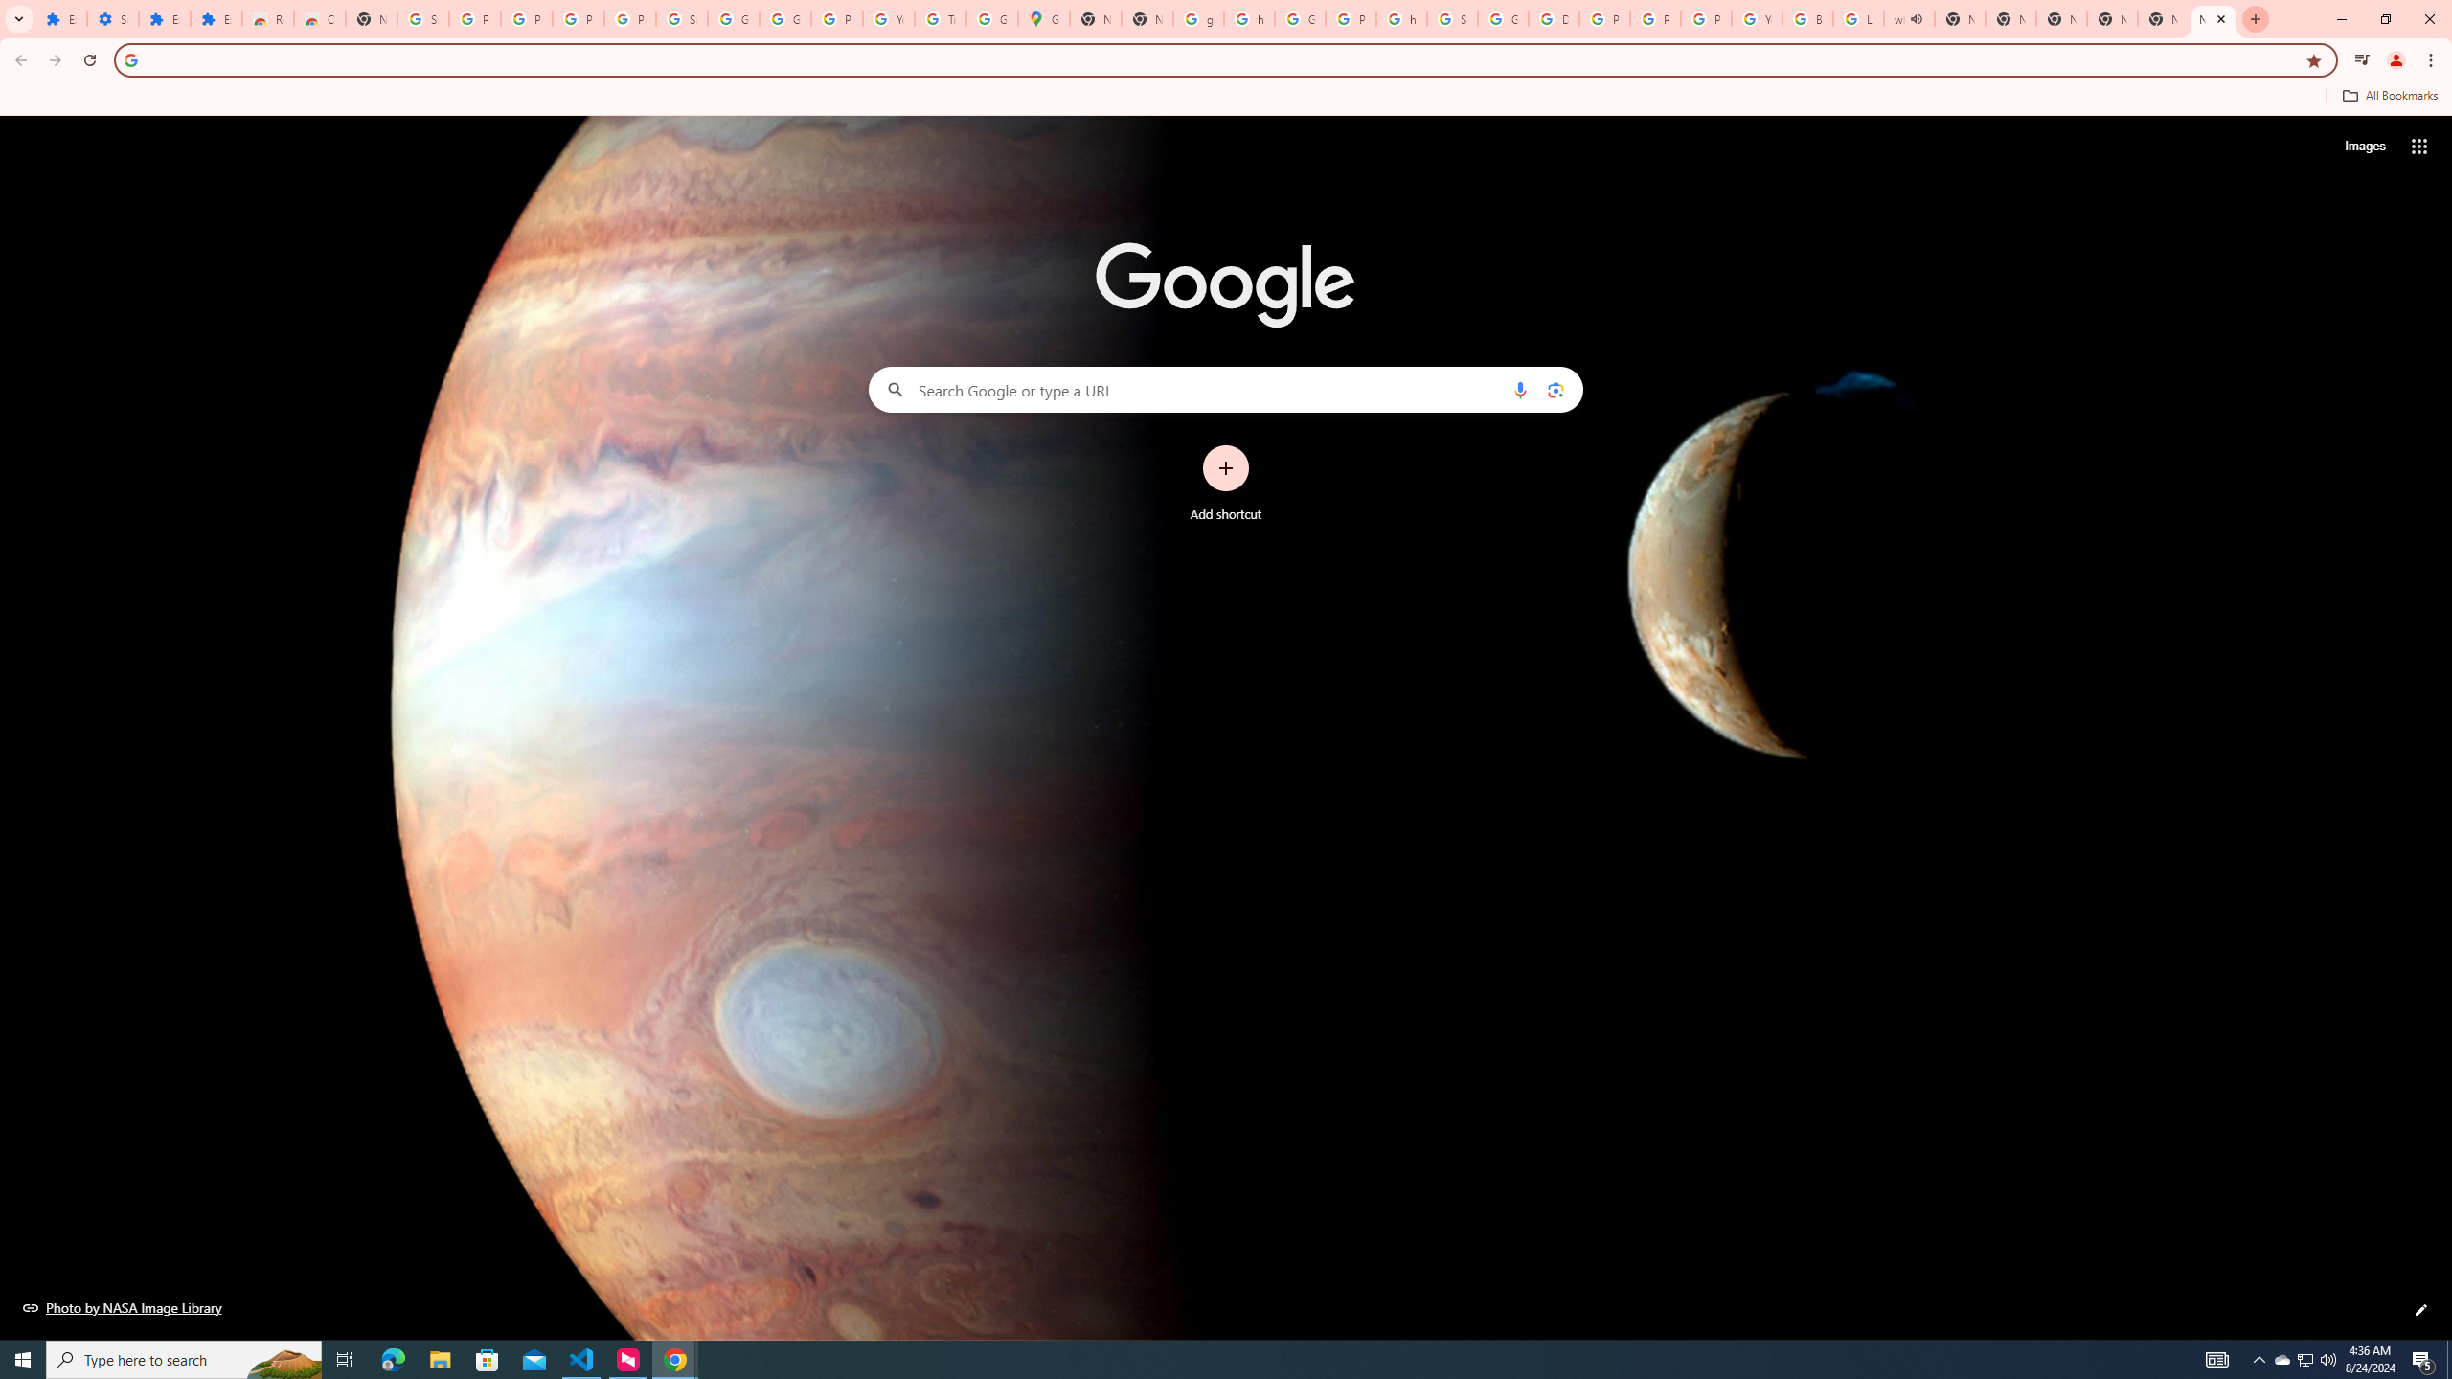 This screenshot has width=2452, height=1379. What do you see at coordinates (266, 18) in the screenshot?
I see `'Reviews: Helix Fruit Jump Arcade Game'` at bounding box center [266, 18].